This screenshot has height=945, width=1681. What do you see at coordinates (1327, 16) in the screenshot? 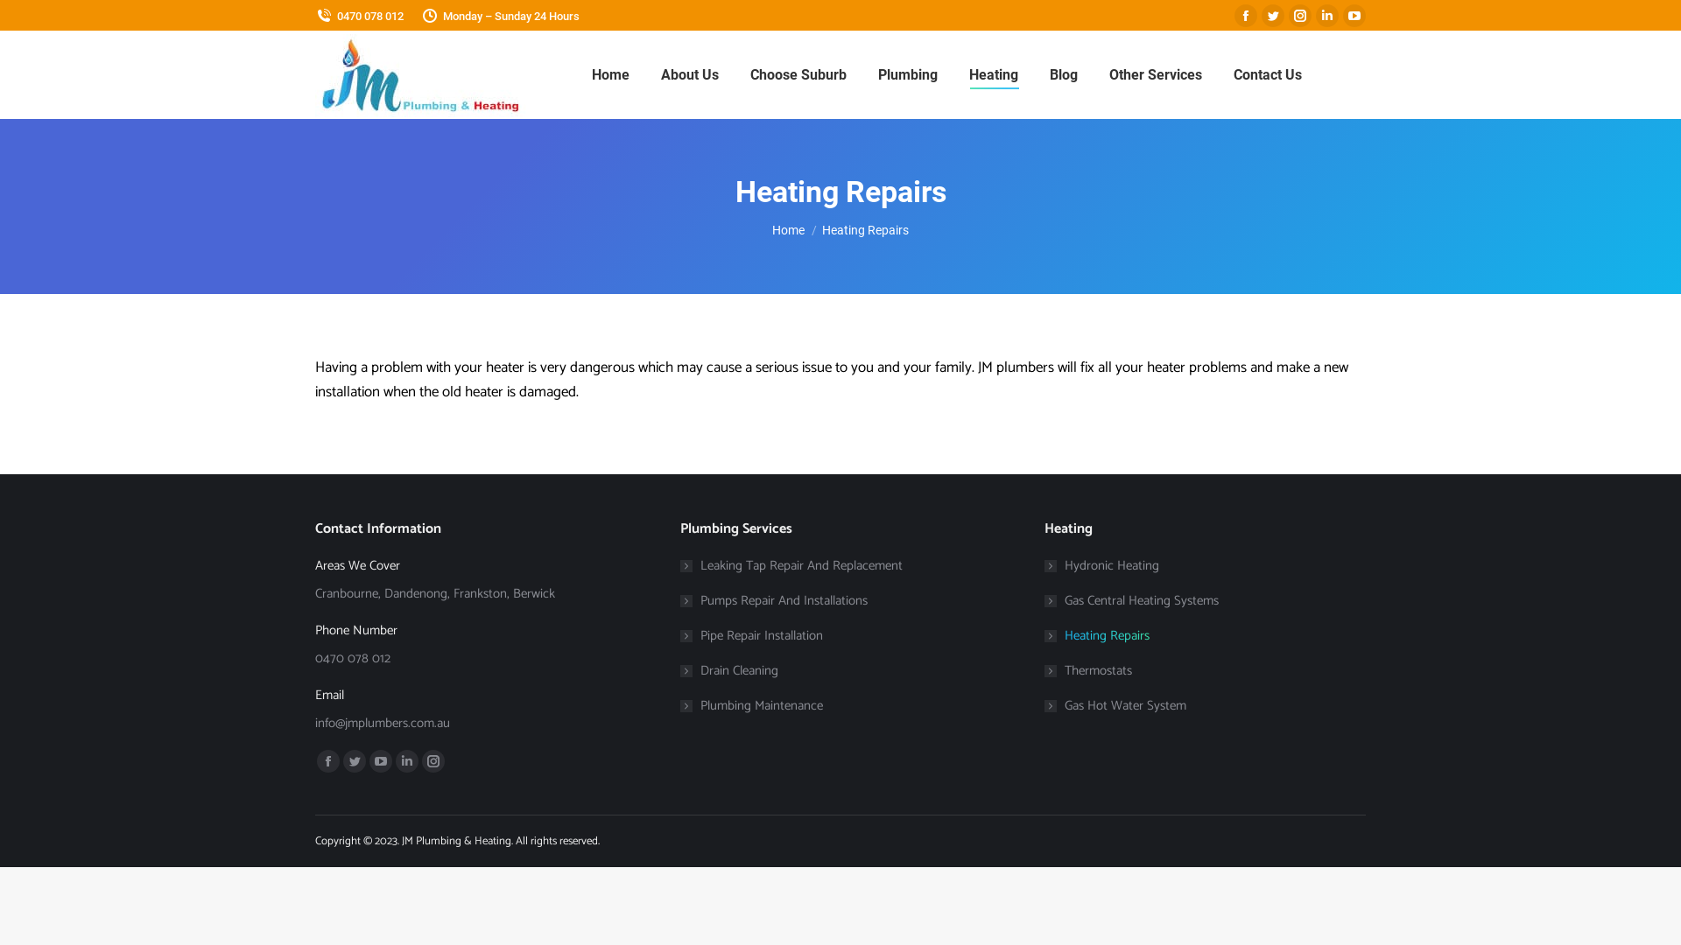
I see `'Linkedin page opens in new window'` at bounding box center [1327, 16].